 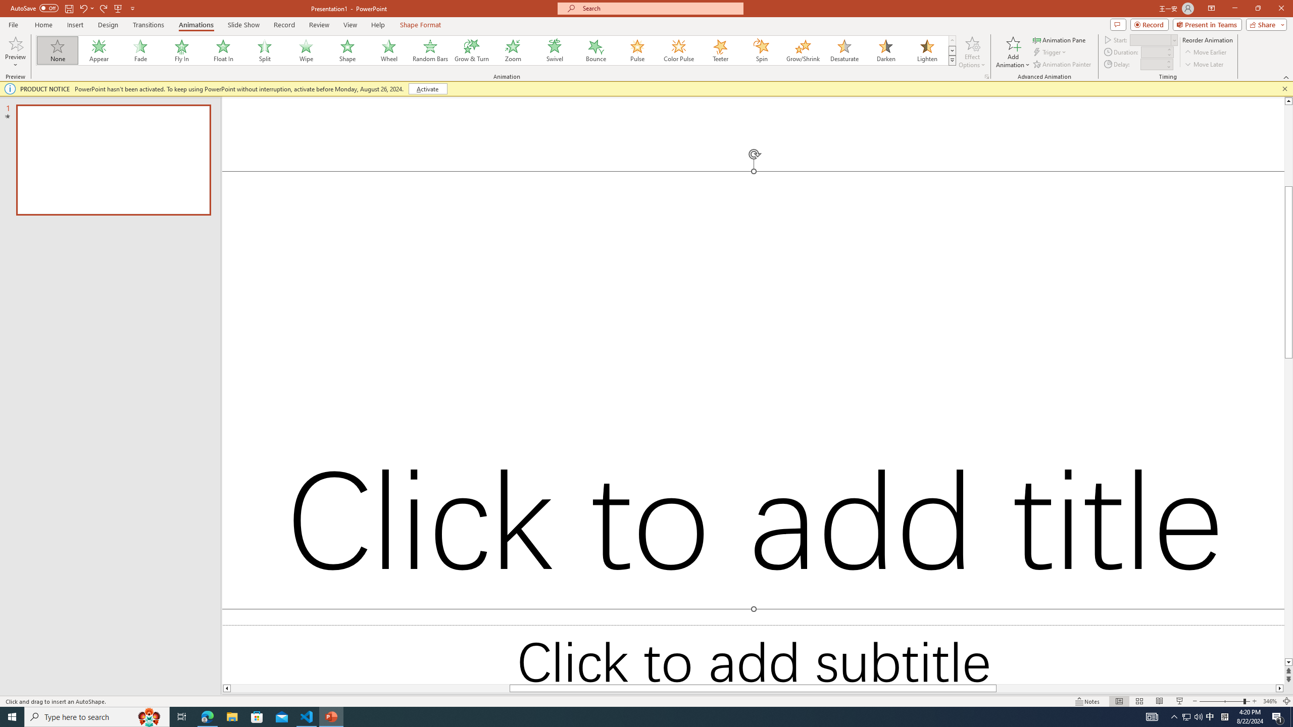 I want to click on 'Spin', so click(x=761, y=50).